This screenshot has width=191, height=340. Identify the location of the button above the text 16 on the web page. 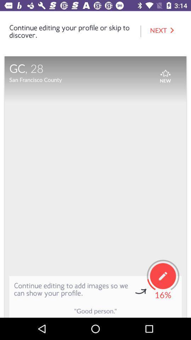
(163, 276).